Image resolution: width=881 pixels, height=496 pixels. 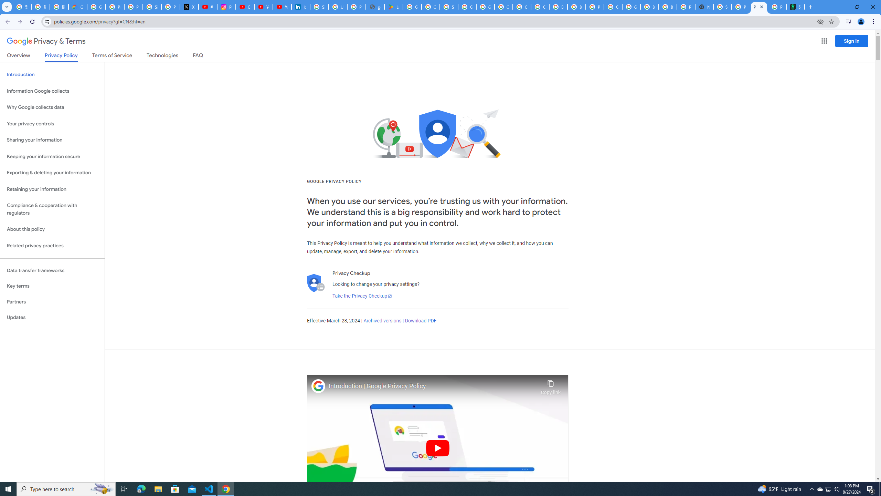 What do you see at coordinates (52, 245) in the screenshot?
I see `'Related privacy practices'` at bounding box center [52, 245].